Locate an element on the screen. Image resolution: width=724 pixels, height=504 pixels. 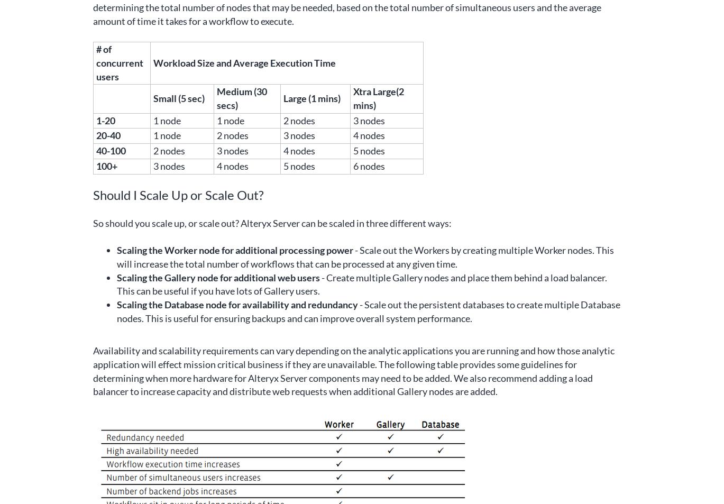
'Should I Scale Up or Scale Out?' is located at coordinates (177, 194).